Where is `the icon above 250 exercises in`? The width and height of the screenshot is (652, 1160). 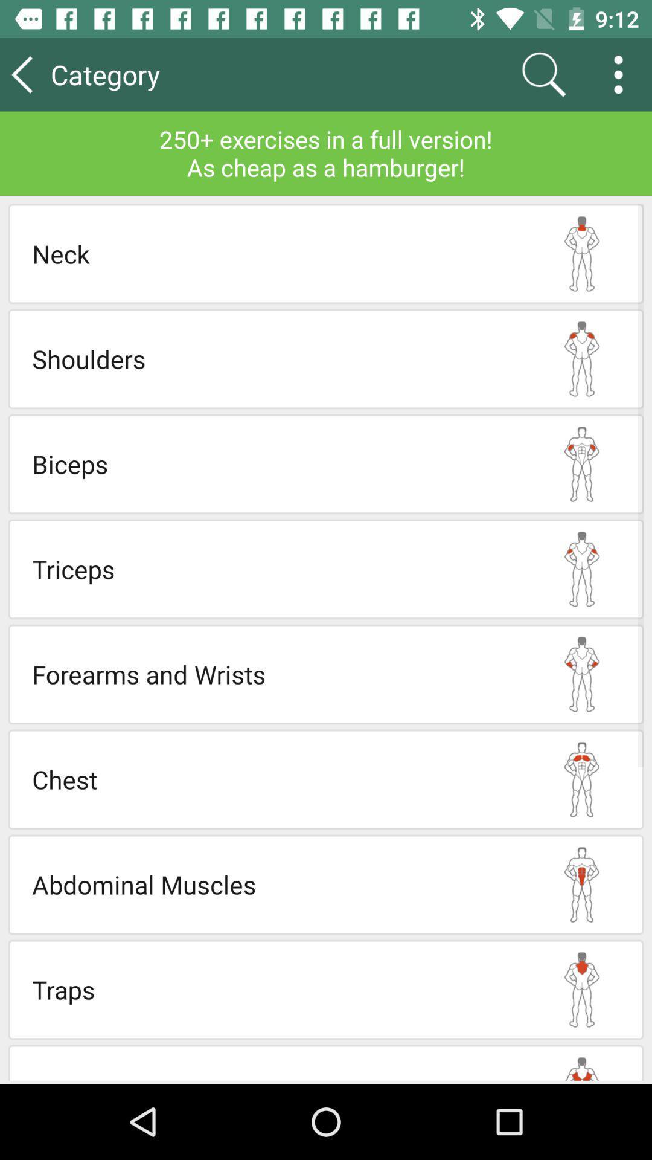
the icon above 250 exercises in is located at coordinates (543, 74).